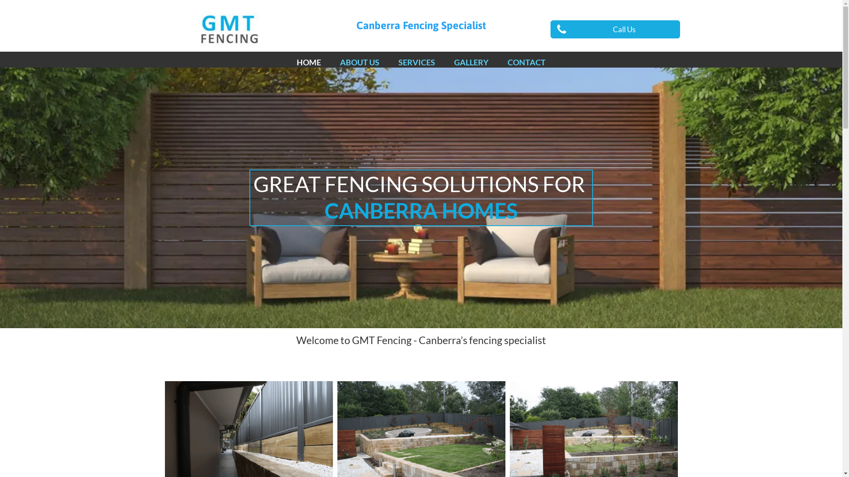 This screenshot has width=849, height=477. I want to click on 'ABOUT US', so click(359, 62).